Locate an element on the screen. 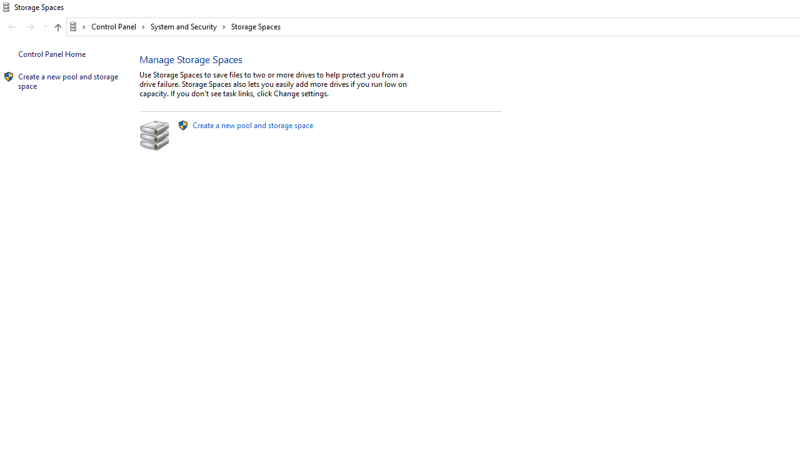 The width and height of the screenshot is (800, 450). 'Recent locations' is located at coordinates (44, 27).